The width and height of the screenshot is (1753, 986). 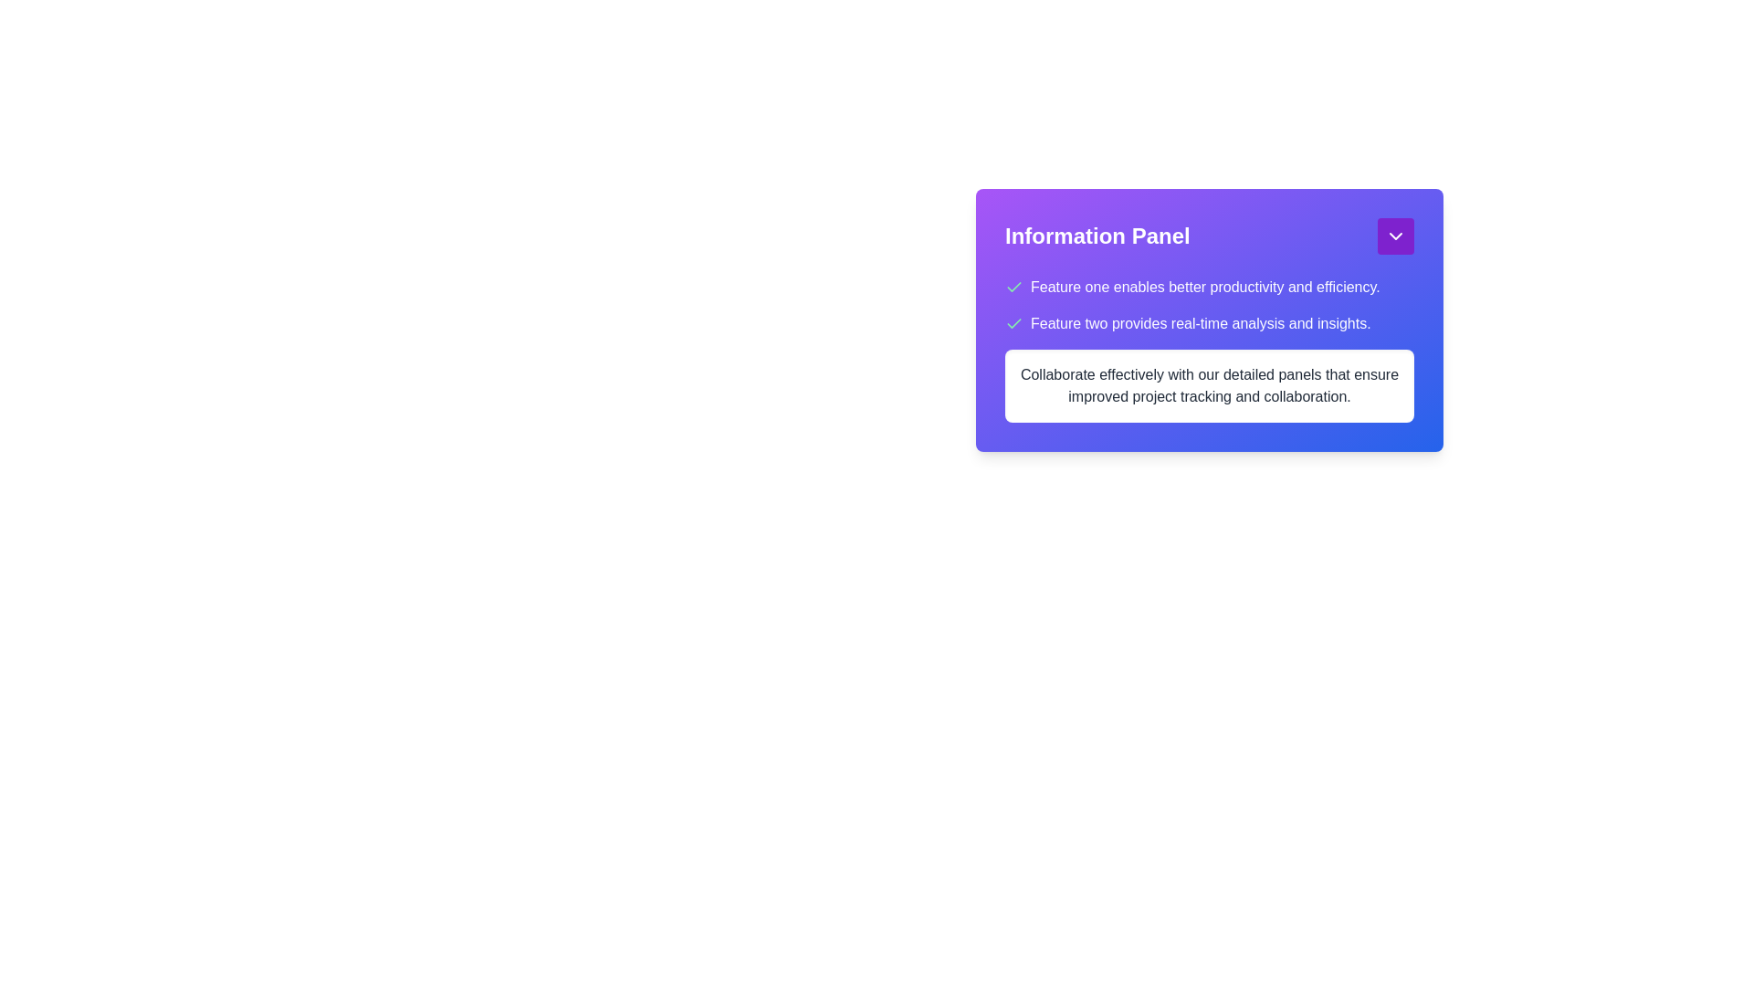 I want to click on the second text display element in the 'Information Panel' that provides a specific feature or benefit, located below 'Feature one enables better productivity and efficiency.', so click(x=1201, y=322).